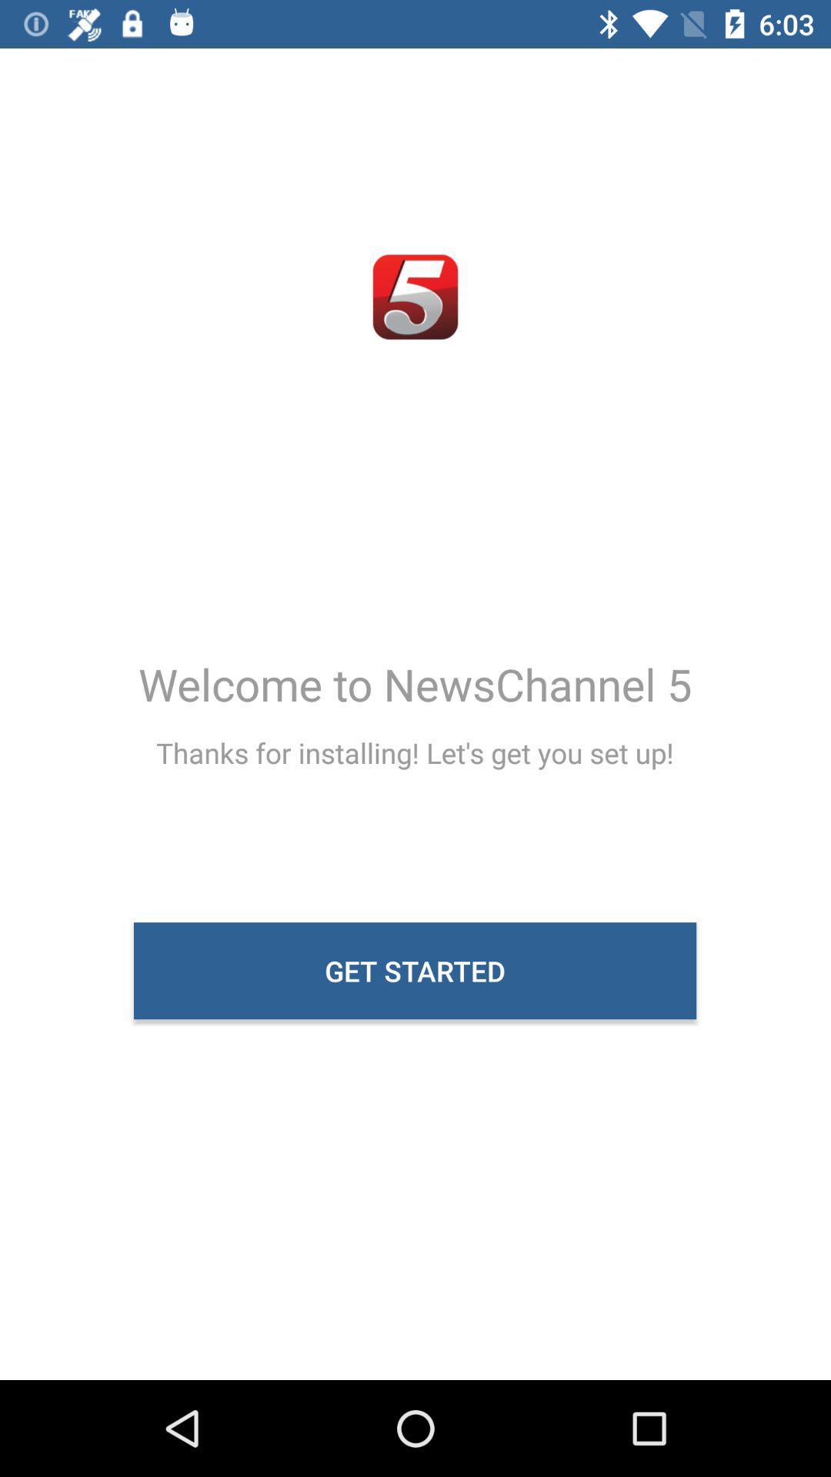  Describe the element at coordinates (414, 970) in the screenshot. I see `get started item` at that location.